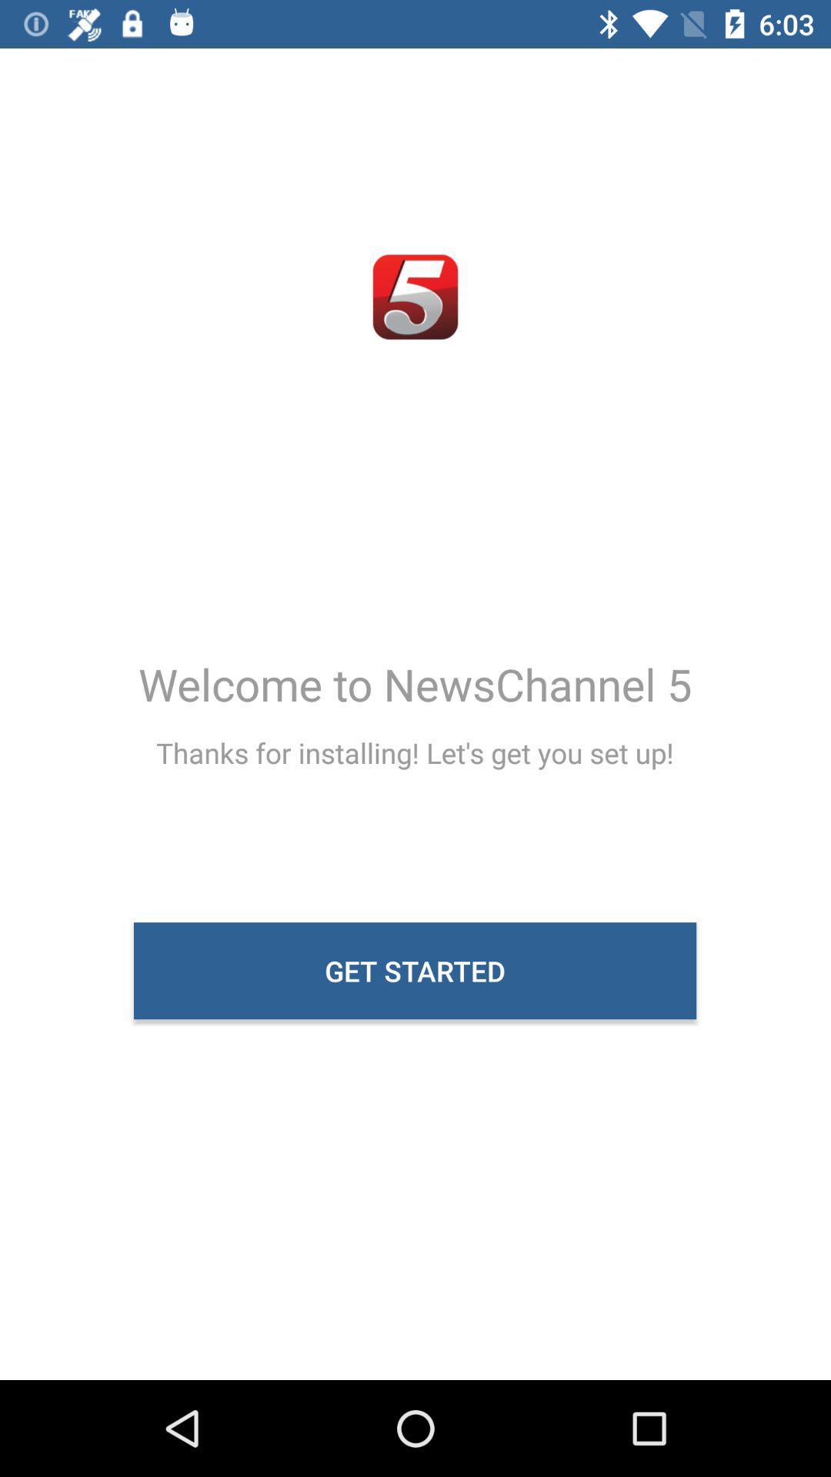  Describe the element at coordinates (414, 970) in the screenshot. I see `get started item` at that location.